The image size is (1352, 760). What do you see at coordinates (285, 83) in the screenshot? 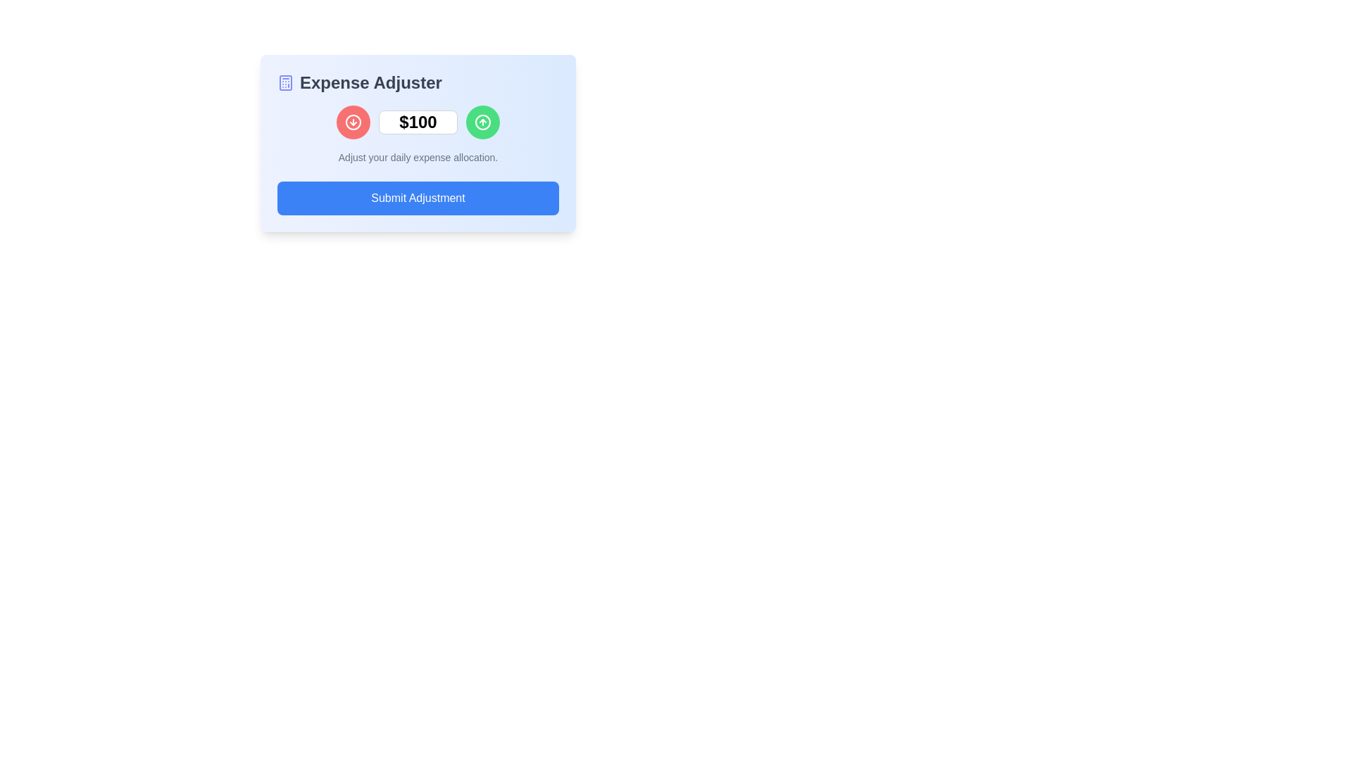
I see `the calculator icon with a blue hue, which is positioned to the left of the 'Expense Adjuster' title, located at the top-left corner of the interface card` at bounding box center [285, 83].